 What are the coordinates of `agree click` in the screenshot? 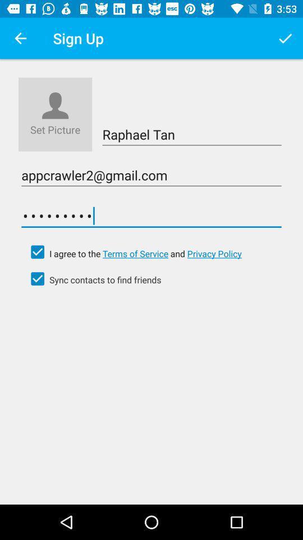 It's located at (38, 252).